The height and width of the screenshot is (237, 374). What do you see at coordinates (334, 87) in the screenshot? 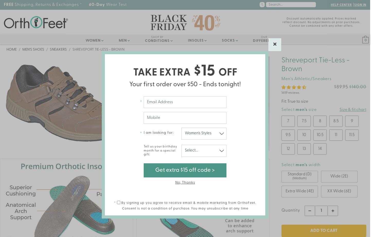
I see `'$89.95'` at bounding box center [334, 87].